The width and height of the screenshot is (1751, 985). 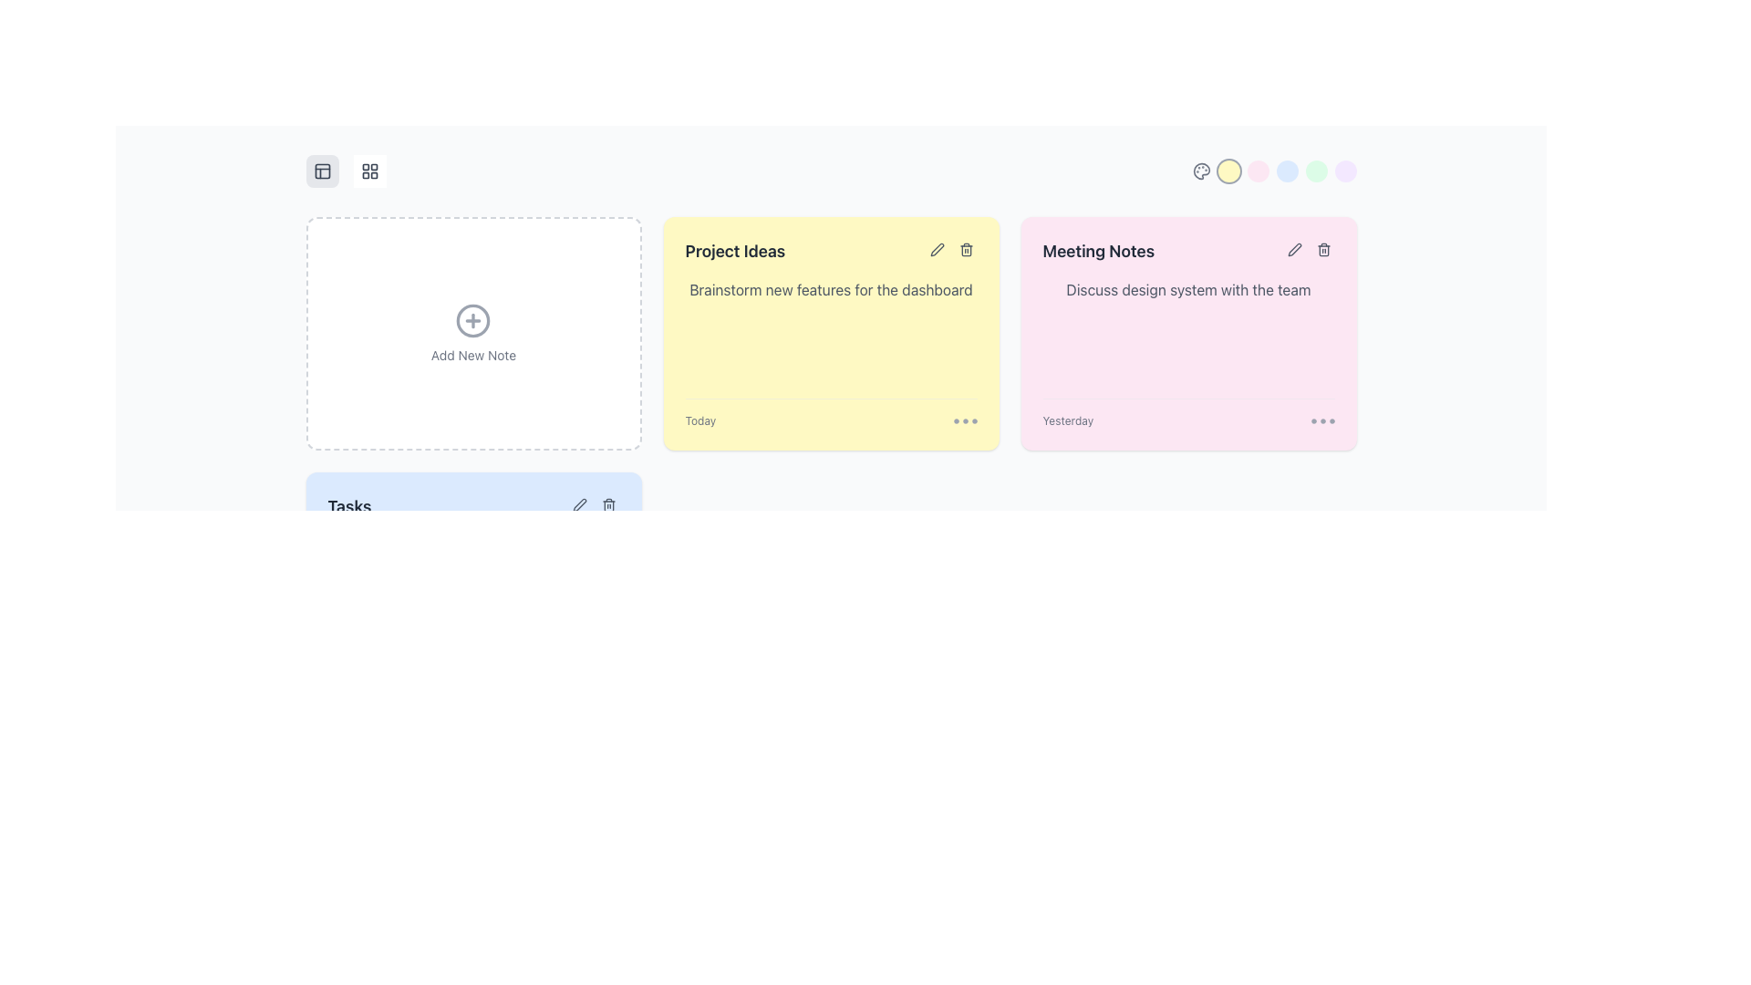 I want to click on the trashcan icon located in the top-right corner of the pink 'Meeting Notes' card, so click(x=1323, y=251).